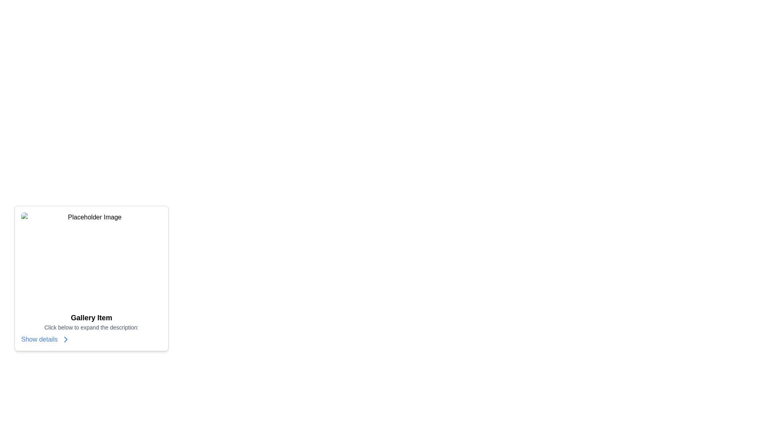 Image resolution: width=771 pixels, height=434 pixels. I want to click on the text element that reads 'Click below to expand the description:', which is styled in gray and located below the 'Gallery Item' heading, so click(91, 327).